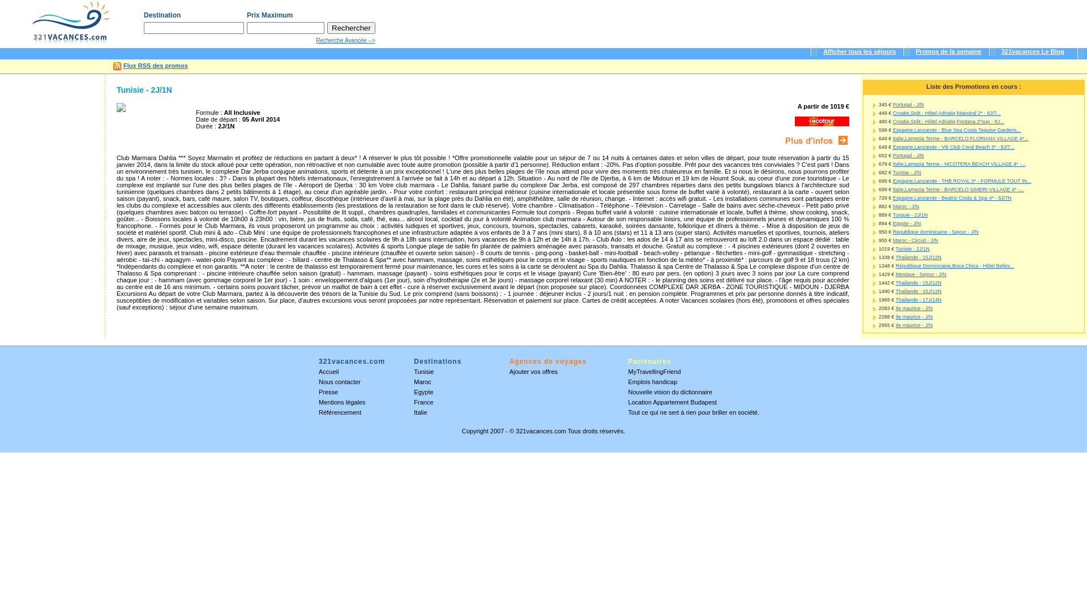 Image resolution: width=1087 pixels, height=611 pixels. Describe the element at coordinates (653, 382) in the screenshot. I see `'Emplois handicap'` at that location.